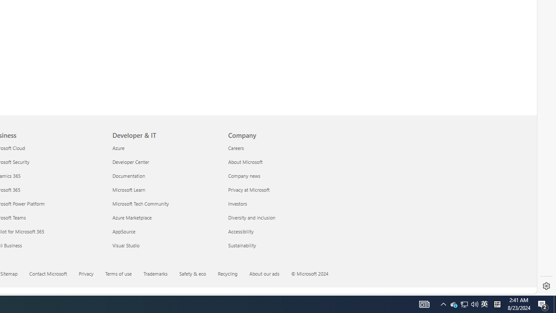 This screenshot has height=313, width=556. What do you see at coordinates (47, 273) in the screenshot?
I see `'Contact Microsoft'` at bounding box center [47, 273].